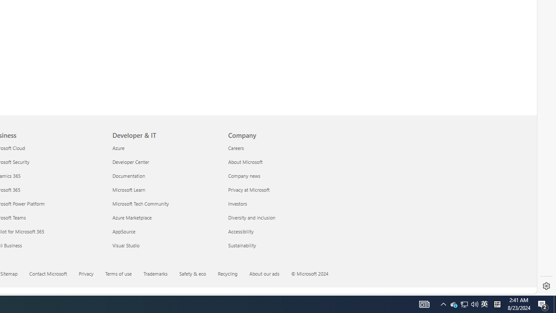 This screenshot has height=313, width=556. What do you see at coordinates (47, 273) in the screenshot?
I see `'Contact Microsoft'` at bounding box center [47, 273].